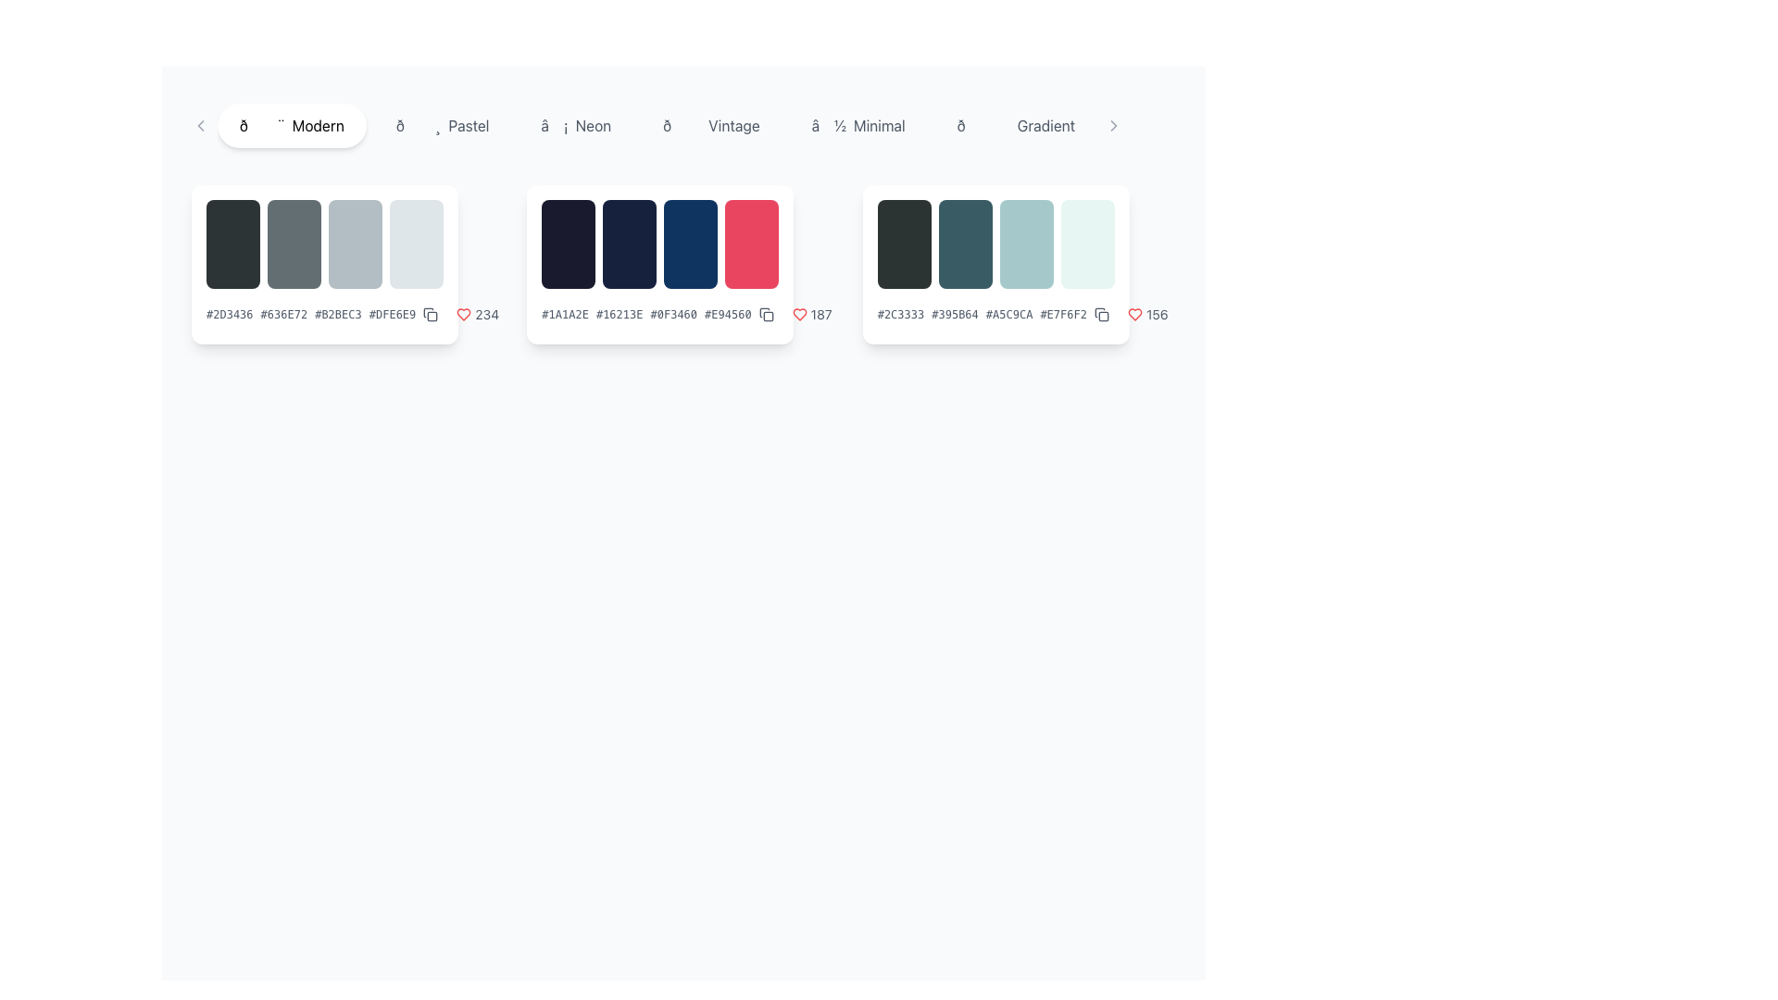 This screenshot has height=1000, width=1778. Describe the element at coordinates (232, 243) in the screenshot. I see `the first static rectangular block representing a color option in the collection, located under the word 'Modern'` at that location.